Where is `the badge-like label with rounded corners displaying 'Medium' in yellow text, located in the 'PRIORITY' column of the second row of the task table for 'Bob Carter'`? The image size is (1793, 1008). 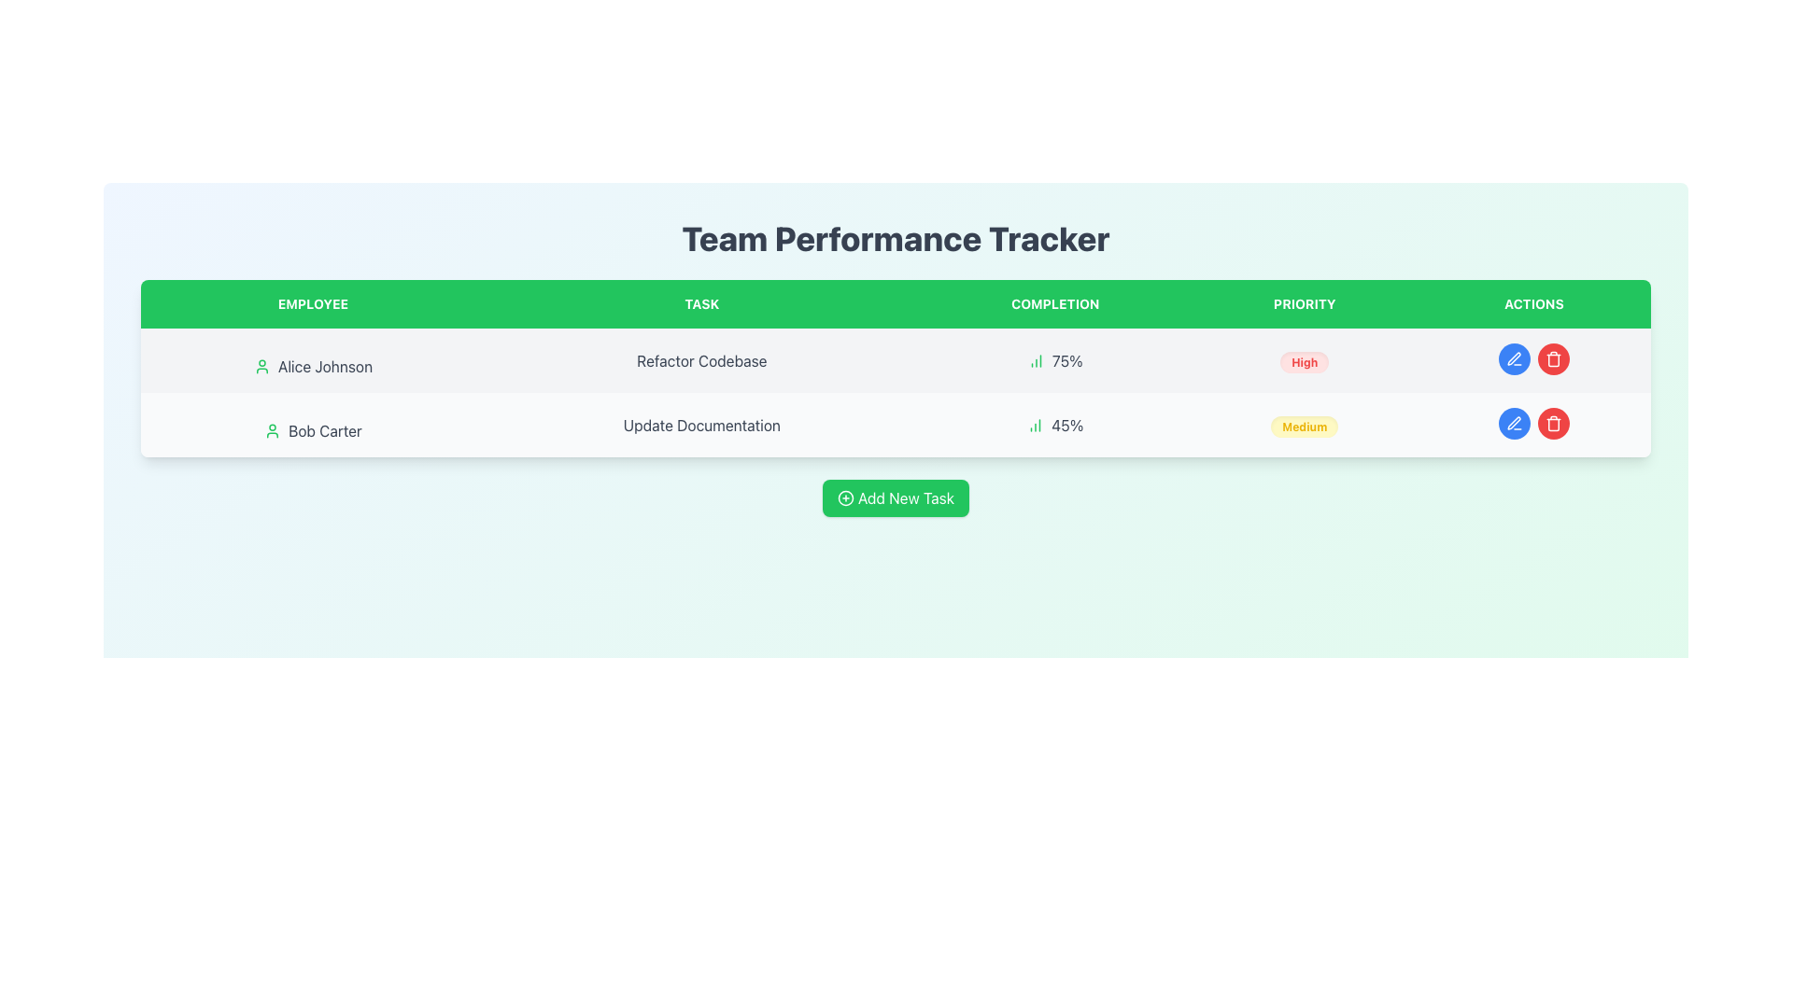 the badge-like label with rounded corners displaying 'Medium' in yellow text, located in the 'PRIORITY' column of the second row of the task table for 'Bob Carter' is located at coordinates (1304, 426).